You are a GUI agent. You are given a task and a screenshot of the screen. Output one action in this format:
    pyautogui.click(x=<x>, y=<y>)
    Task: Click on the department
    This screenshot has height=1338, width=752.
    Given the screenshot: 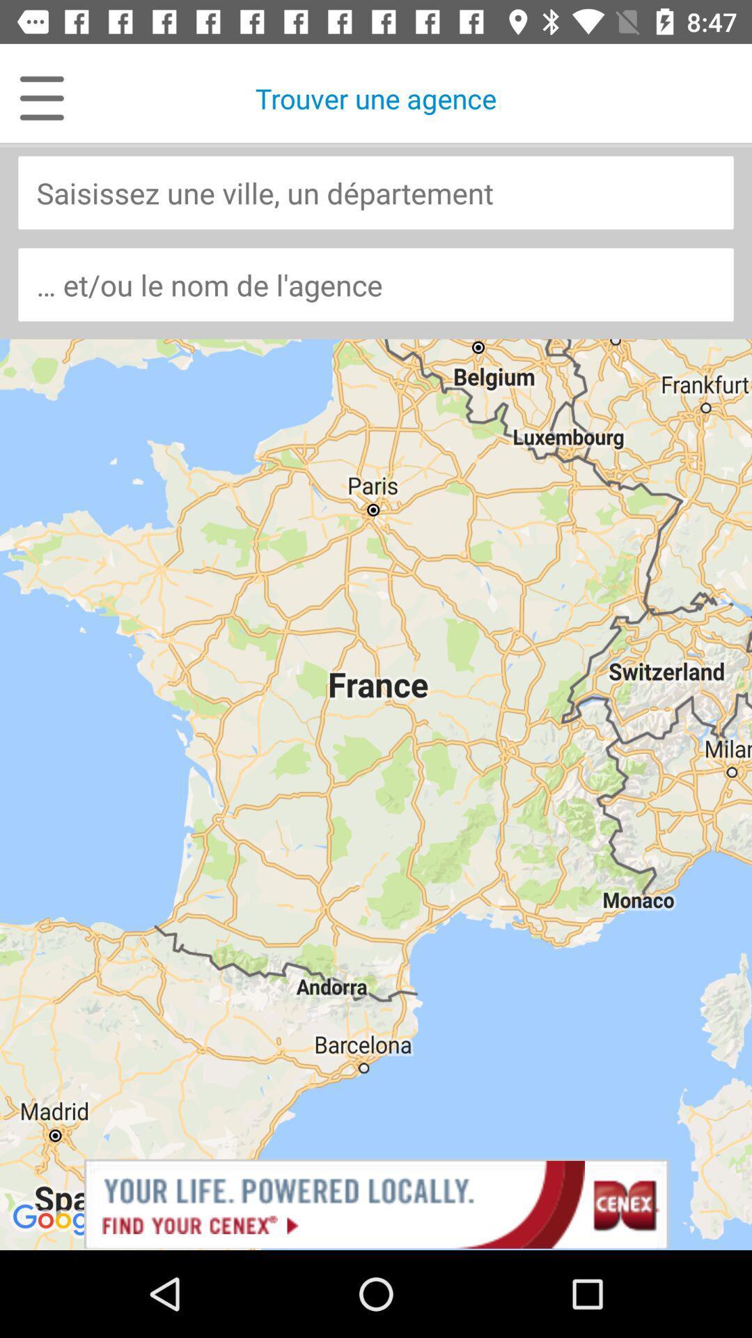 What is the action you would take?
    pyautogui.click(x=376, y=192)
    